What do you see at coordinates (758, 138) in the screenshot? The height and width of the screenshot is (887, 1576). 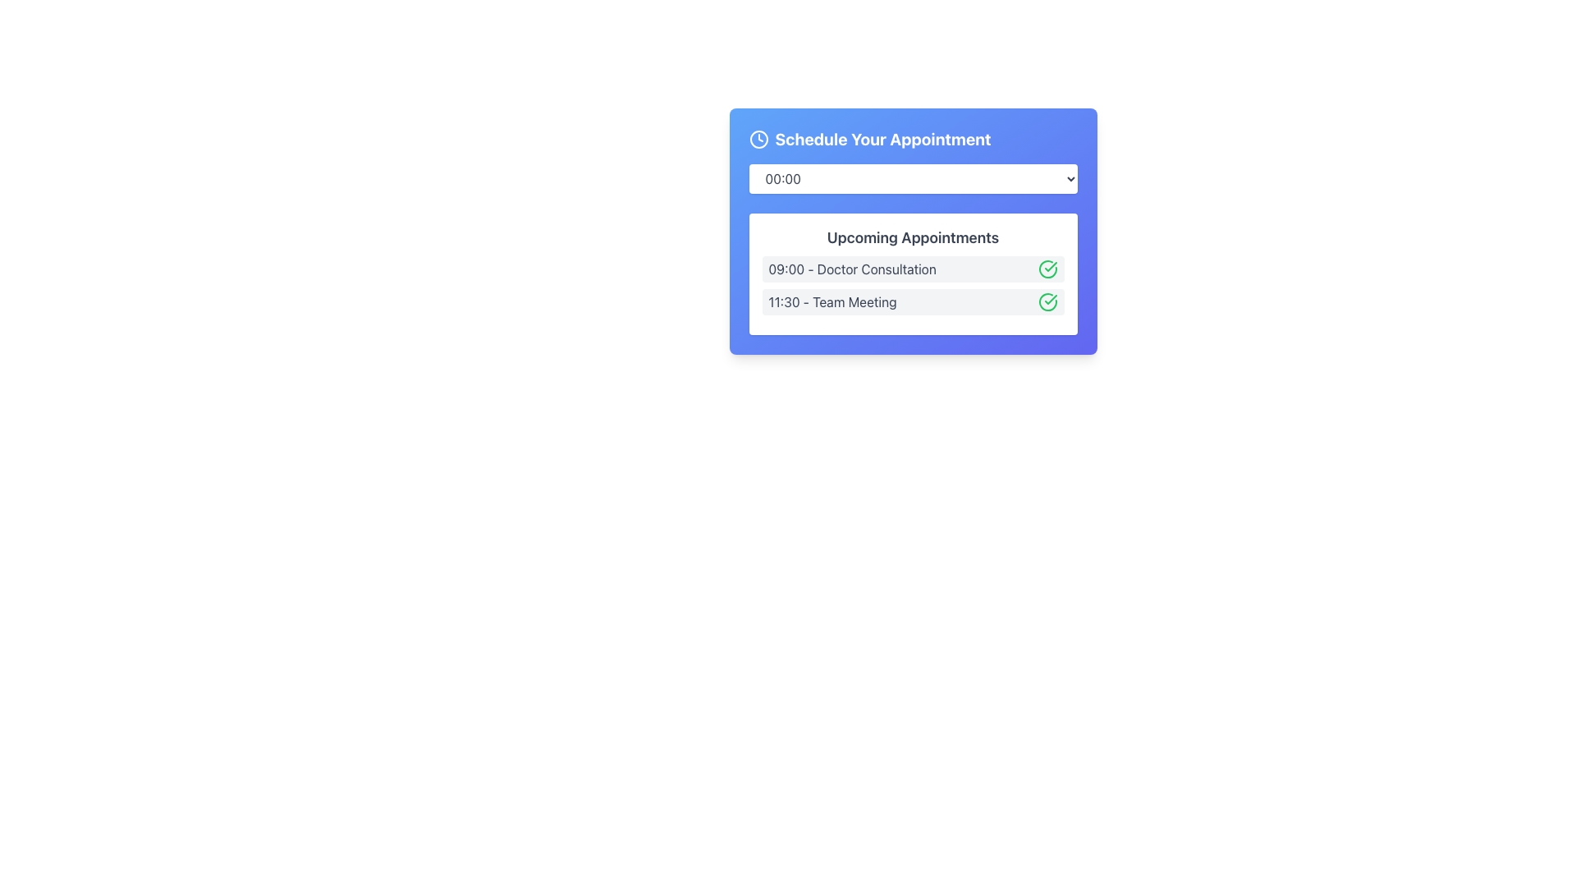 I see `the clock icon located in the top left corner of the blue header section of the card titled 'Schedule Your Appointment', which is outlined in white against a blue circular background` at bounding box center [758, 138].